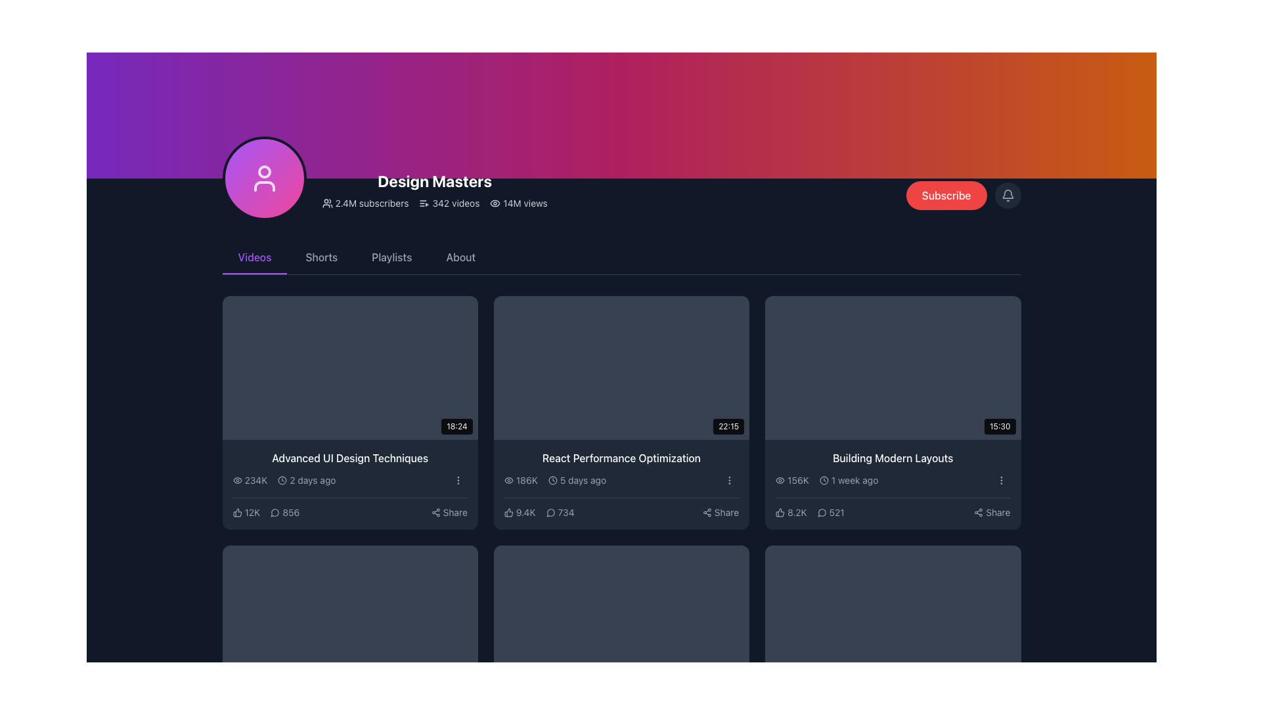 This screenshot has width=1261, height=709. I want to click on the 'About' navigation link to observe the color transition effect as it changes from gray to white, so click(460, 258).